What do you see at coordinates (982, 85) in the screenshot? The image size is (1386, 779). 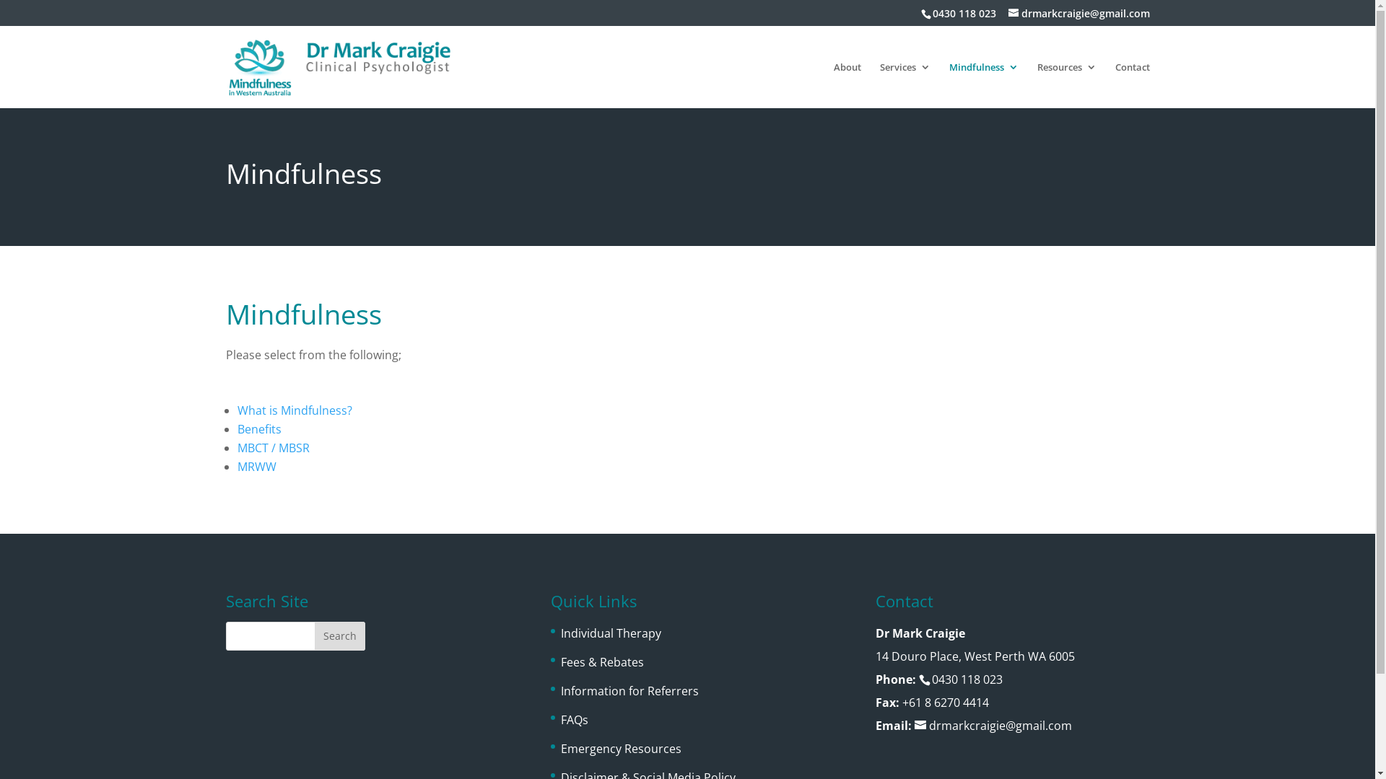 I see `'Mindfulness'` at bounding box center [982, 85].